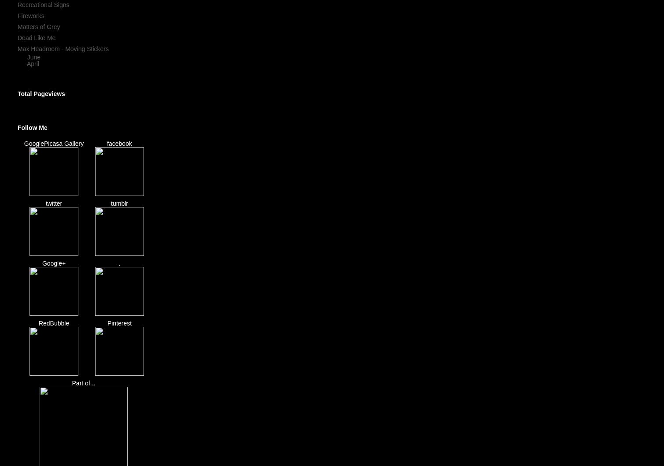 The width and height of the screenshot is (664, 466). What do you see at coordinates (43, 5) in the screenshot?
I see `'Recreational Signs'` at bounding box center [43, 5].